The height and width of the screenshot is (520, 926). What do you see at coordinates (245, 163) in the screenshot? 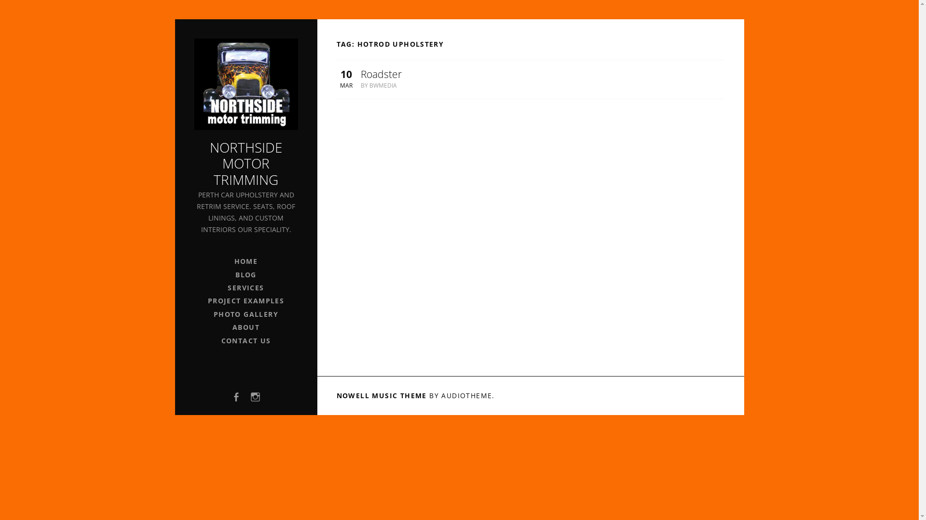
I see `'NORTHSIDE MOTOR TRIMMING'` at bounding box center [245, 163].